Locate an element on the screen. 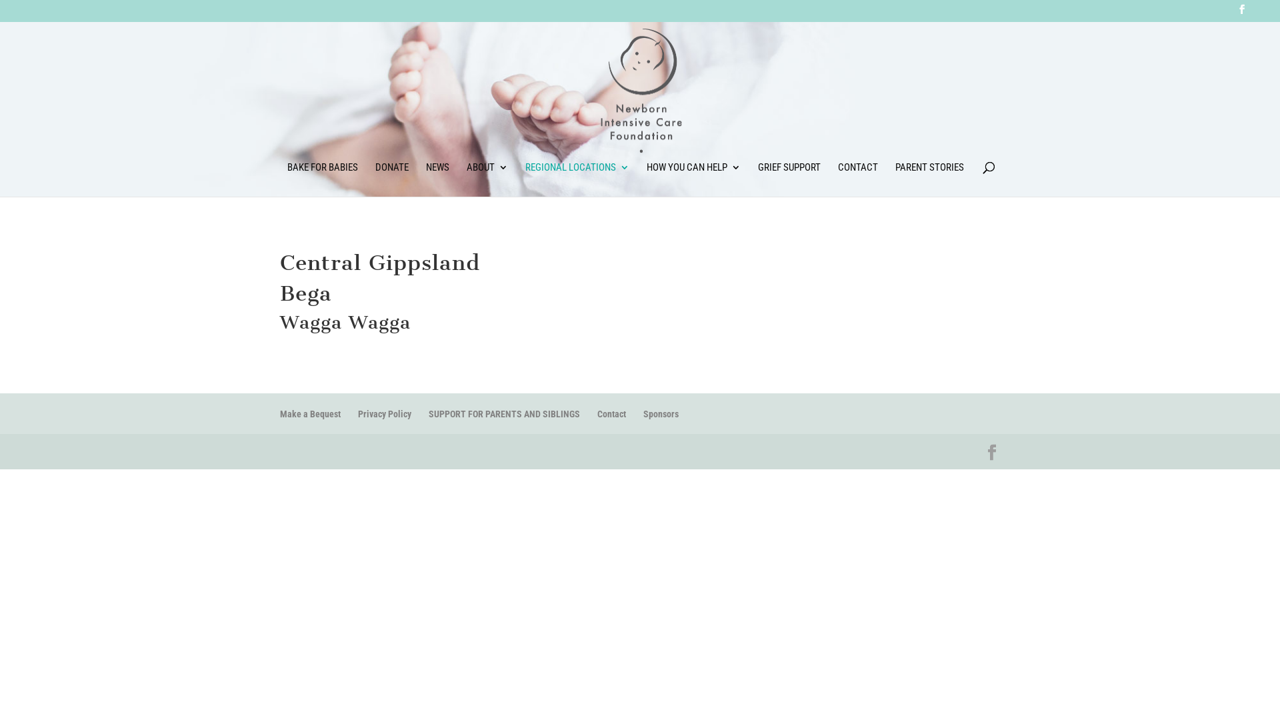 The width and height of the screenshot is (1280, 720). 'Bega' is located at coordinates (305, 292).